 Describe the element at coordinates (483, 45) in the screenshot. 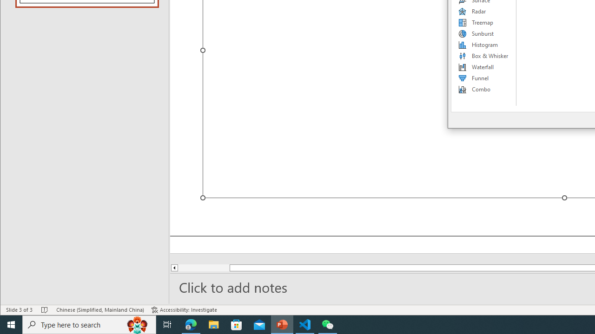

I see `'Histogram'` at that location.